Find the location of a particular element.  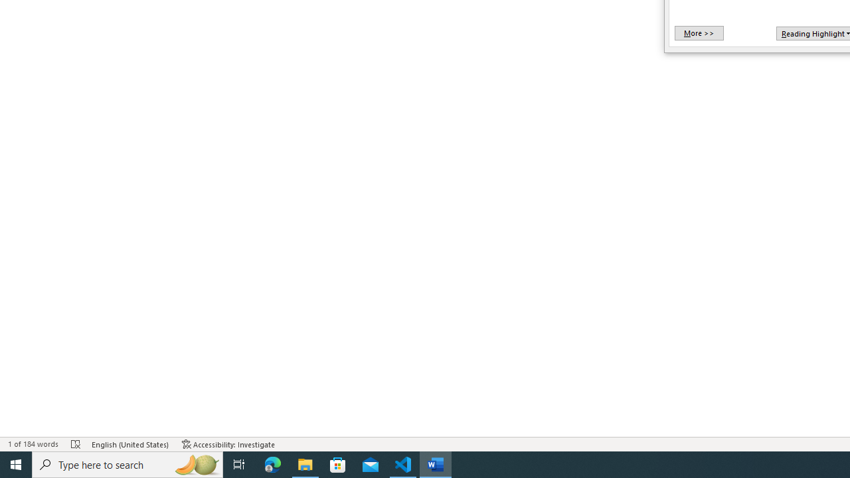

'Microsoft Edge' is located at coordinates (272, 463).